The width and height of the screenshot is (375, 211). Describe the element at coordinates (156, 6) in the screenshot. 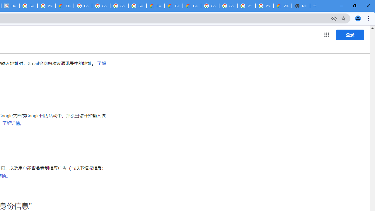

I see `'Customer Care | Google Cloud'` at that location.